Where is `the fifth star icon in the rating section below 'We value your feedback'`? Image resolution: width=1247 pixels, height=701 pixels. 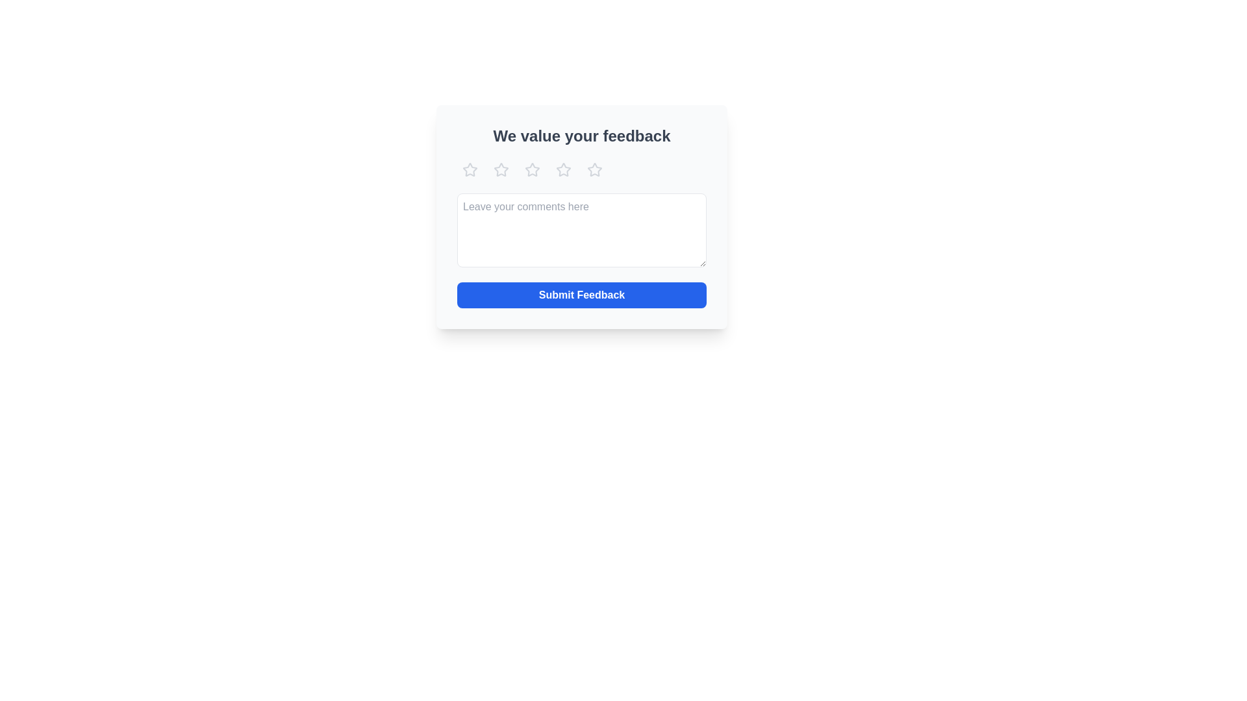 the fifth star icon in the rating section below 'We value your feedback' is located at coordinates (594, 169).